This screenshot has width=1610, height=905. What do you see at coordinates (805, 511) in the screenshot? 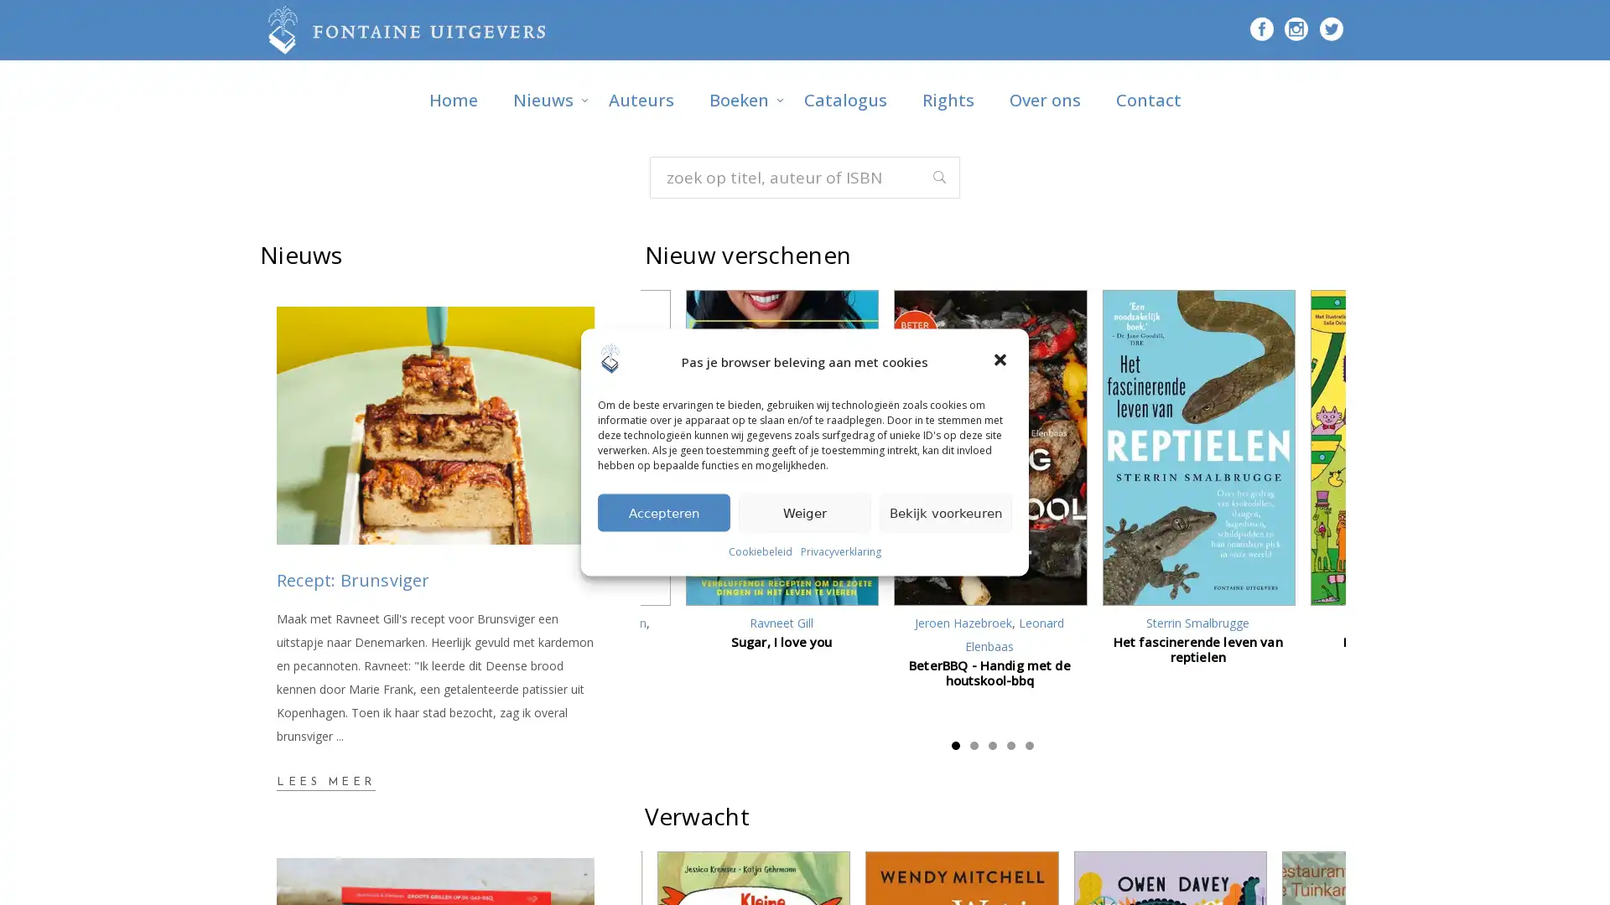
I see `Weiger` at bounding box center [805, 511].